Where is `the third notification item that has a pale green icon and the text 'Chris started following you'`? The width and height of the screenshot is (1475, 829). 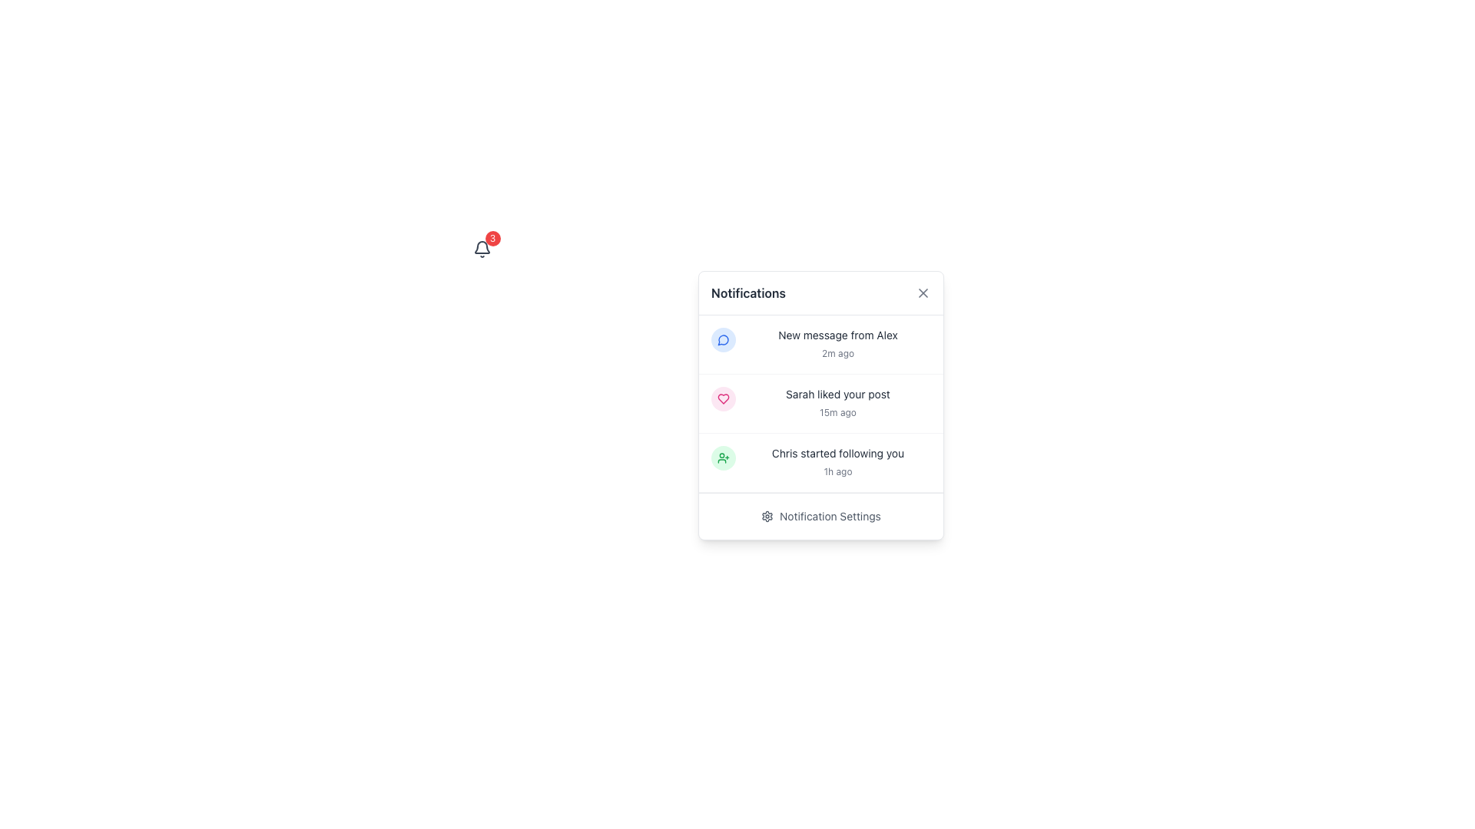 the third notification item that has a pale green icon and the text 'Chris started following you' is located at coordinates (820, 461).